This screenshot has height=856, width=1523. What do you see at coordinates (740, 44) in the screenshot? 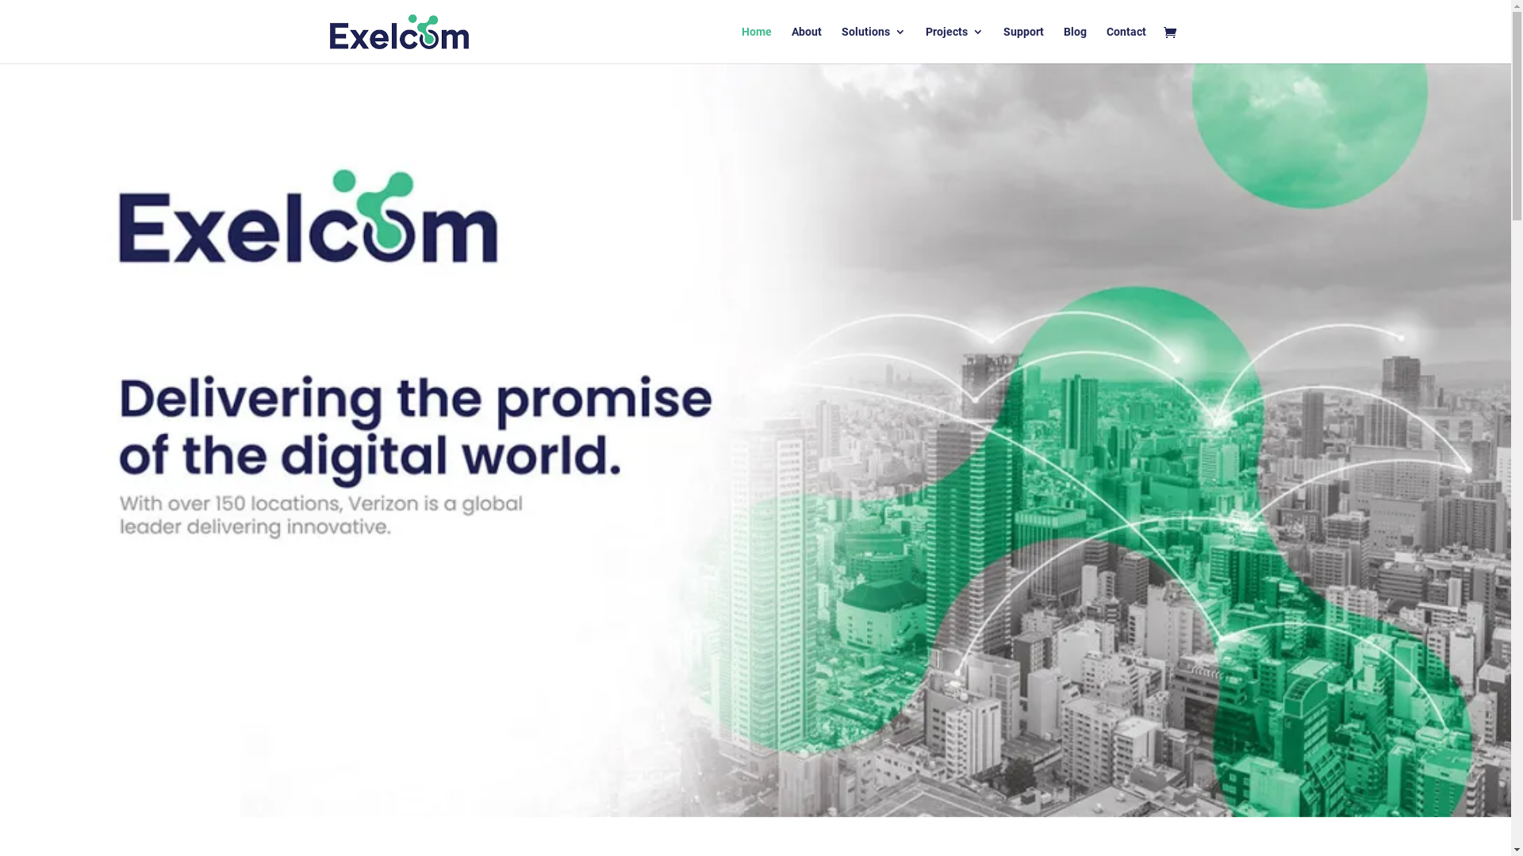
I see `'Home'` at bounding box center [740, 44].